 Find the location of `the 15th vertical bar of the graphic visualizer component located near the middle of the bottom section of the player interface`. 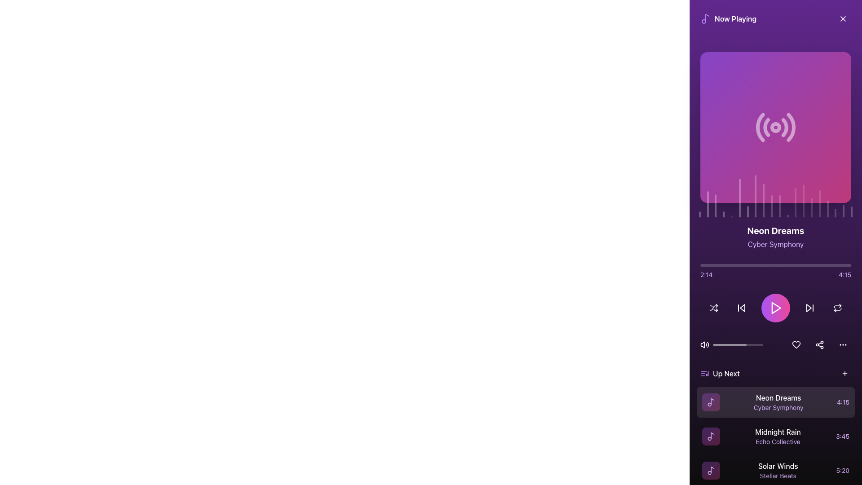

the 15th vertical bar of the graphic visualizer component located near the middle of the bottom section of the player interface is located at coordinates (812, 207).